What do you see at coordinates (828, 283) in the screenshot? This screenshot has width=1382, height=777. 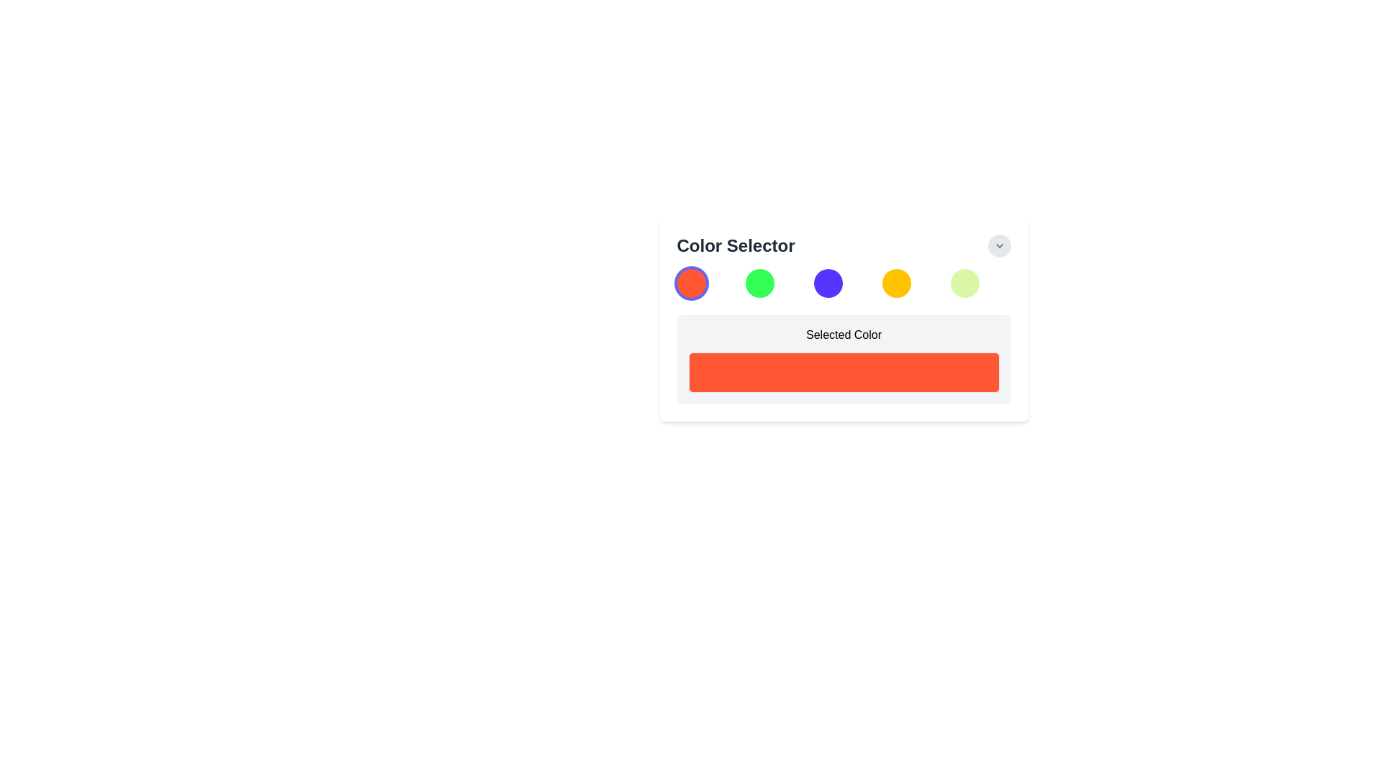 I see `the vibrant purple circular button in the Color Selector group` at bounding box center [828, 283].